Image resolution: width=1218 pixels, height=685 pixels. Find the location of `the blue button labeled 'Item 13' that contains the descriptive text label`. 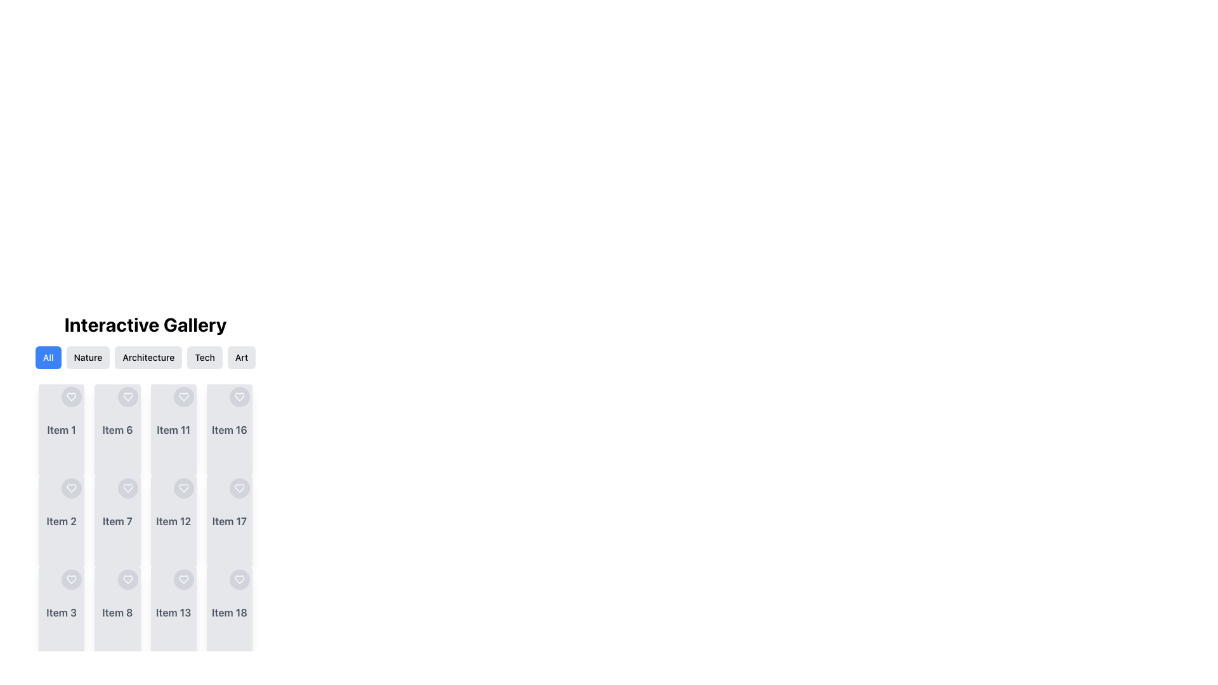

the blue button labeled 'Item 13' that contains the descriptive text label is located at coordinates (178, 611).